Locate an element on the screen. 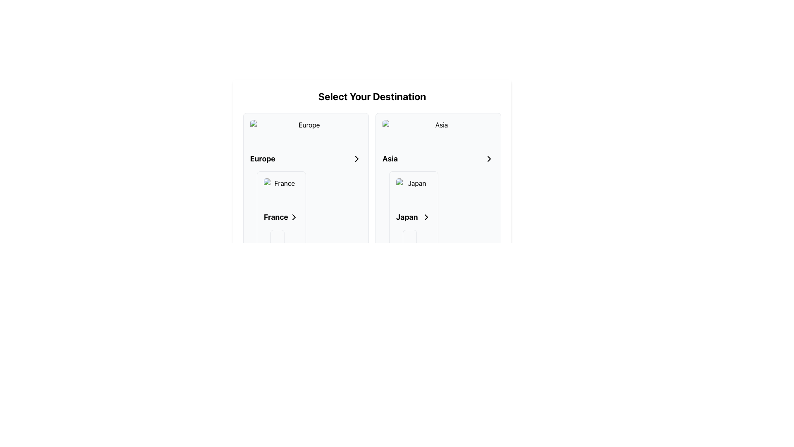  the rightward-pointing black chevron icon located to the far-right of the 'Europe' section is located at coordinates (357, 159).